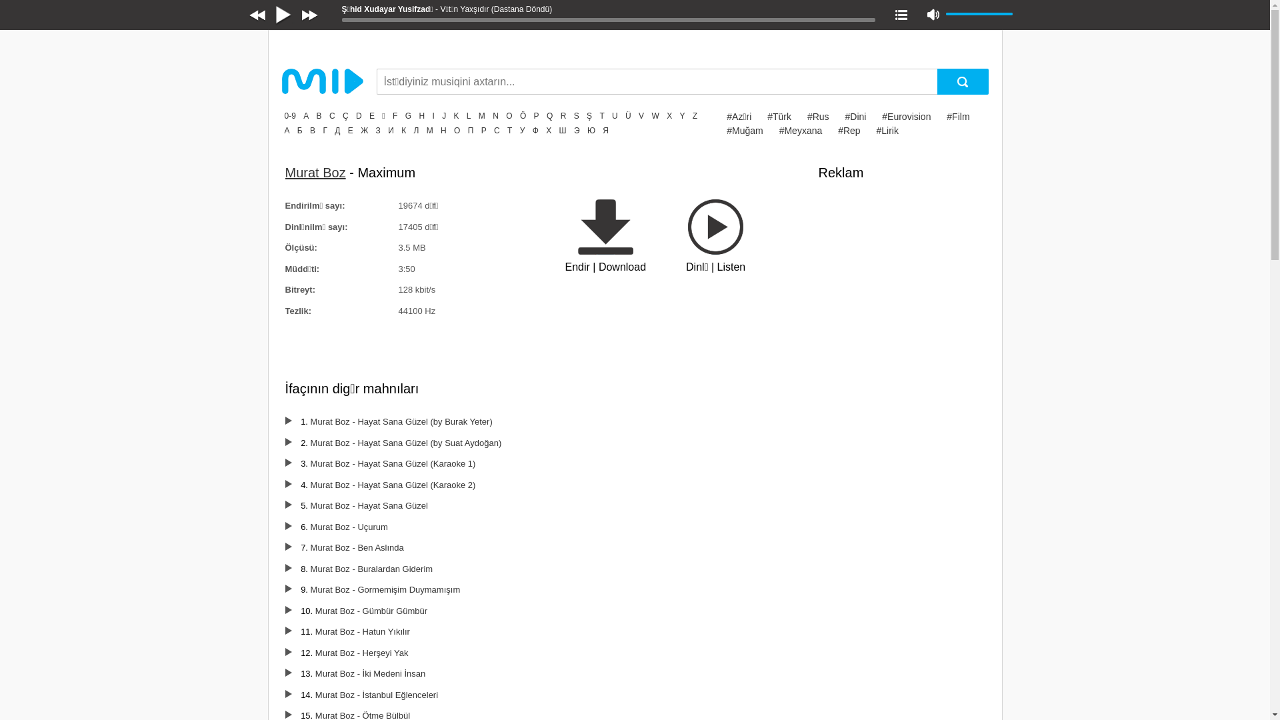 The image size is (1280, 720). I want to click on 'T', so click(598, 115).